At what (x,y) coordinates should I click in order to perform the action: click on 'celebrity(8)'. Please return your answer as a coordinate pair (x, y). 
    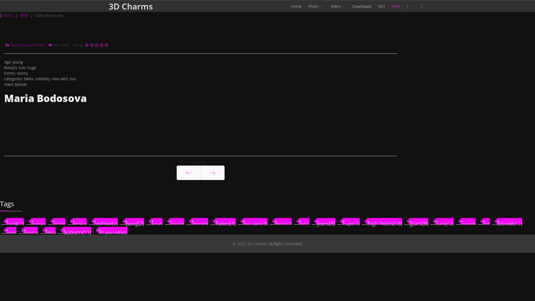
    Looking at the image, I should click on (468, 221).